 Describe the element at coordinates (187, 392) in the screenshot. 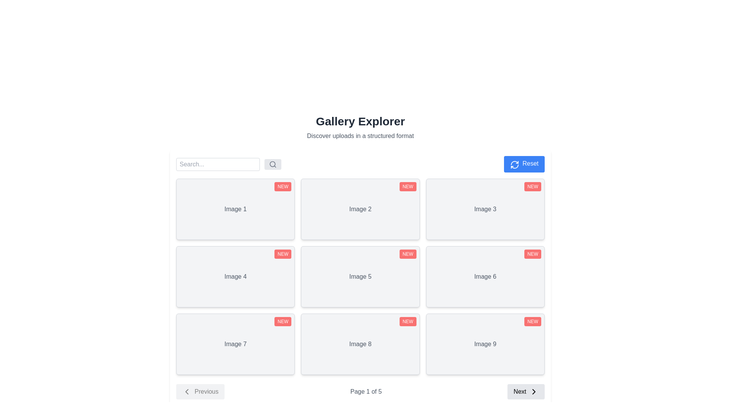

I see `the leftward arrow icon on the 'Previous' button, which has a light gray background and is located at the bottom left of the interface` at that location.